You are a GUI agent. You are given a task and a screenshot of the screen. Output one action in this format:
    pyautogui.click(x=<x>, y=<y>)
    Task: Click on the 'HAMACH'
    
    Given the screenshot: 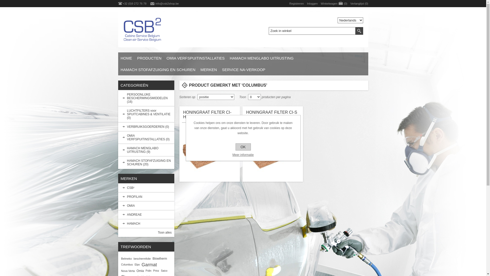 What is the action you would take?
    pyautogui.click(x=117, y=223)
    